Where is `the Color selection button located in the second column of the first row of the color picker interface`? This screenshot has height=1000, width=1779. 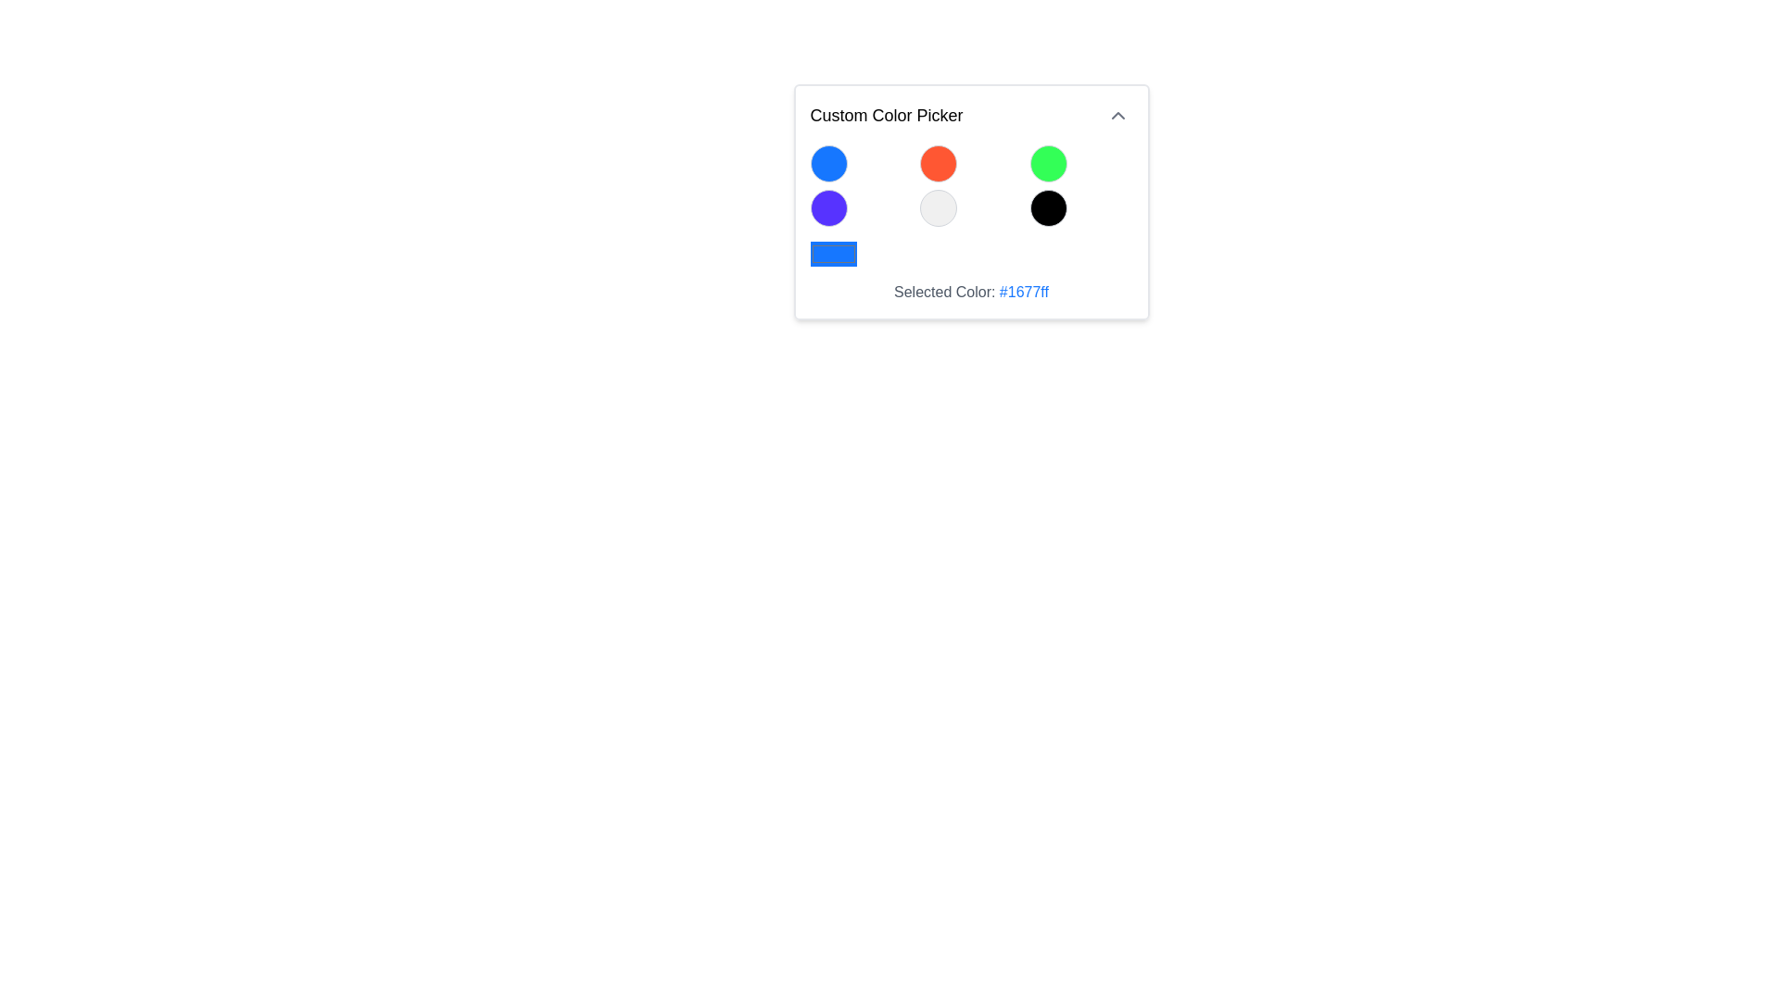
the Color selection button located in the second column of the first row of the color picker interface is located at coordinates (939, 163).